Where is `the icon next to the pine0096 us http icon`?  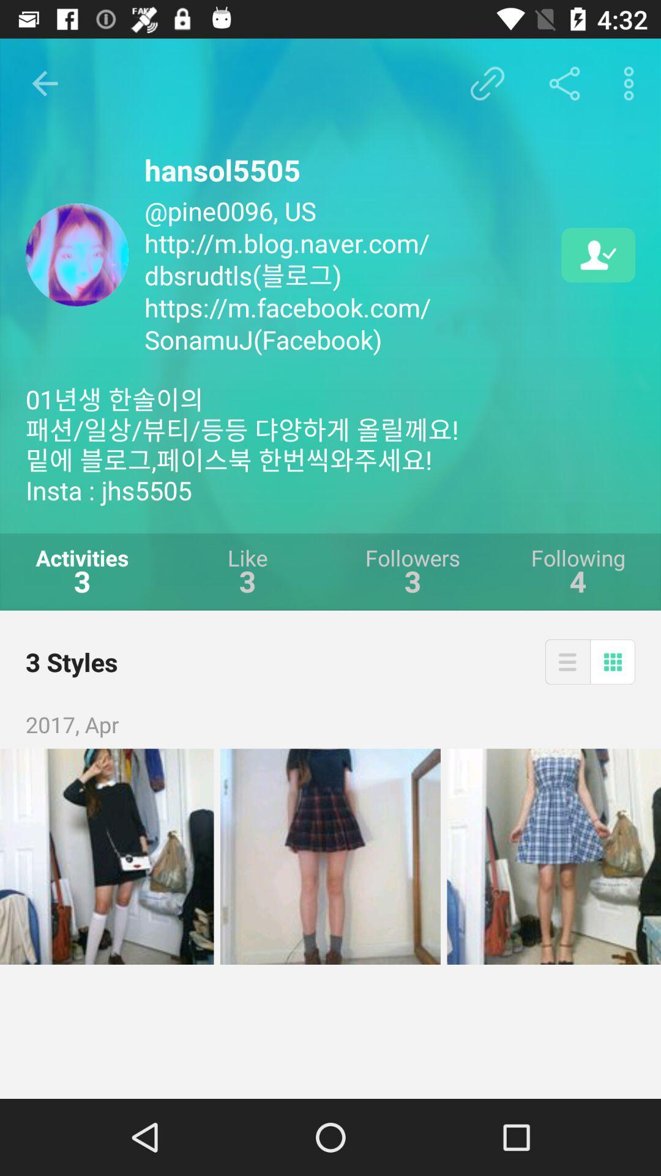 the icon next to the pine0096 us http icon is located at coordinates (597, 254).